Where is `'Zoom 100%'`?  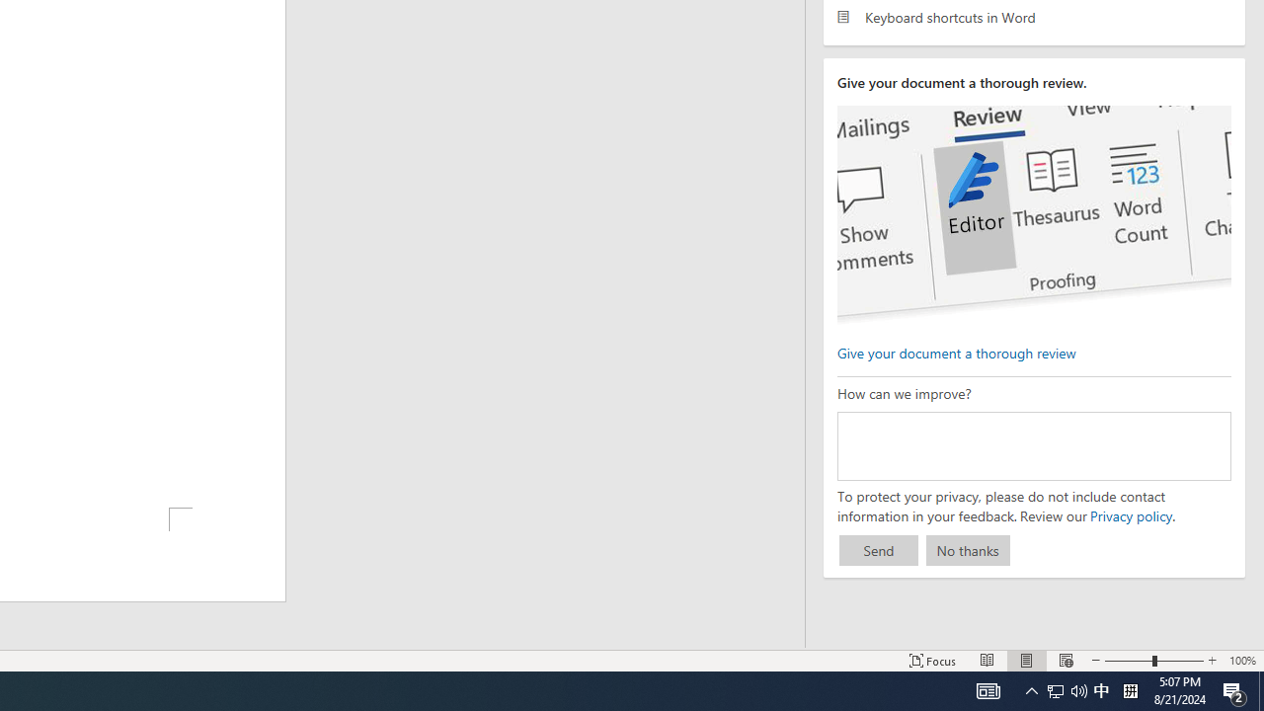 'Zoom 100%' is located at coordinates (1241, 661).